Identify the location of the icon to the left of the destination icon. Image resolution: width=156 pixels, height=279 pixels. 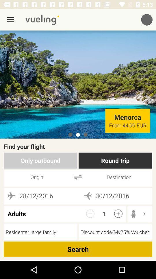
(78, 177).